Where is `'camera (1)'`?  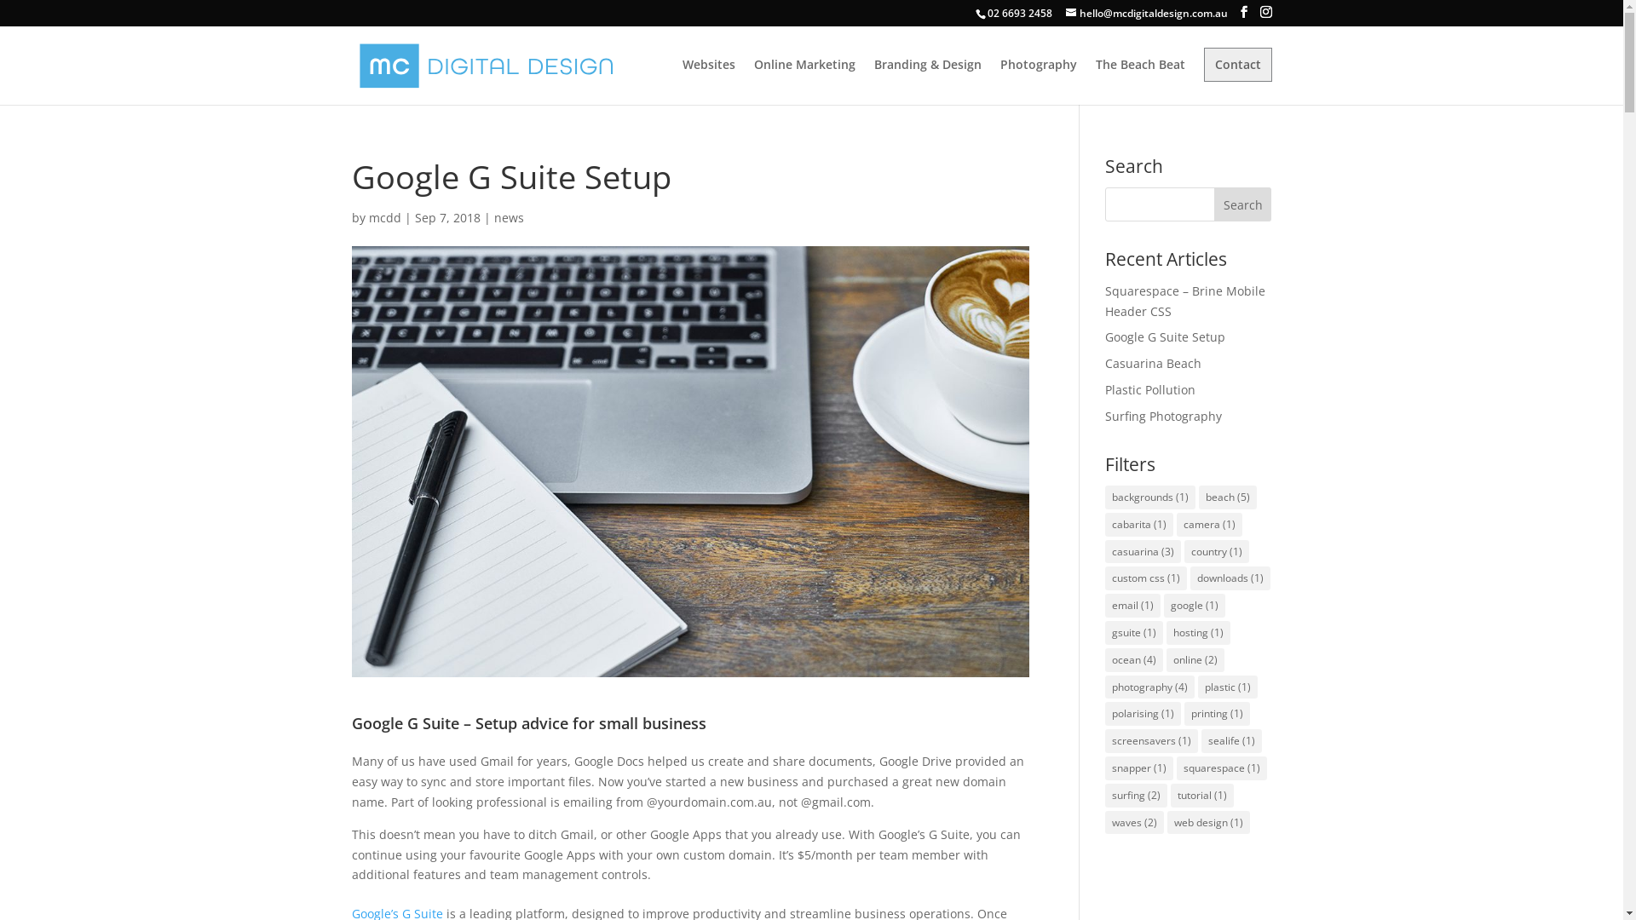
'camera (1)' is located at coordinates (1208, 524).